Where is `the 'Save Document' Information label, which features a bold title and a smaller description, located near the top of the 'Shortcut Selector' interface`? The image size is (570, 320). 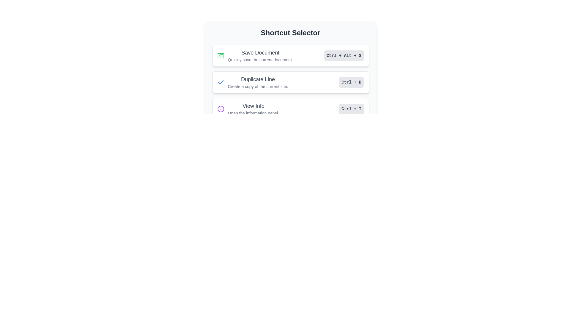 the 'Save Document' Information label, which features a bold title and a smaller description, located near the top of the 'Shortcut Selector' interface is located at coordinates (260, 56).